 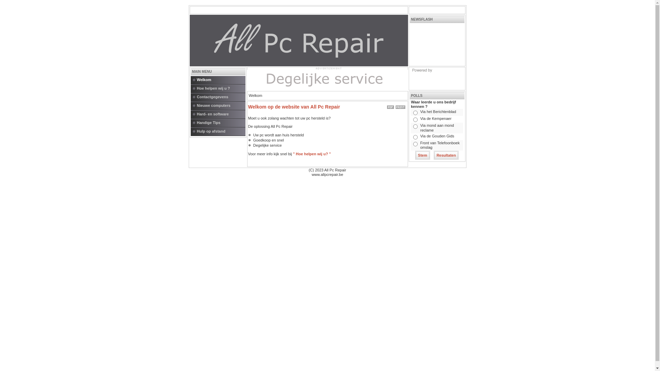 I want to click on 'Afdrukken', so click(x=400, y=106).